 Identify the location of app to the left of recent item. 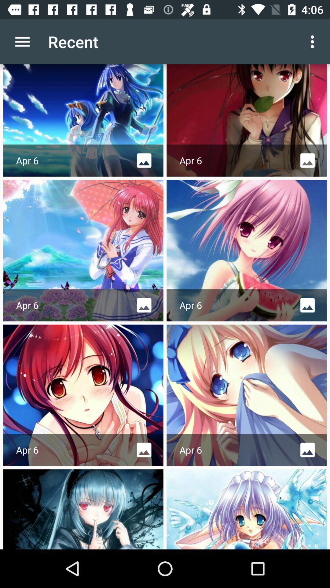
(22, 41).